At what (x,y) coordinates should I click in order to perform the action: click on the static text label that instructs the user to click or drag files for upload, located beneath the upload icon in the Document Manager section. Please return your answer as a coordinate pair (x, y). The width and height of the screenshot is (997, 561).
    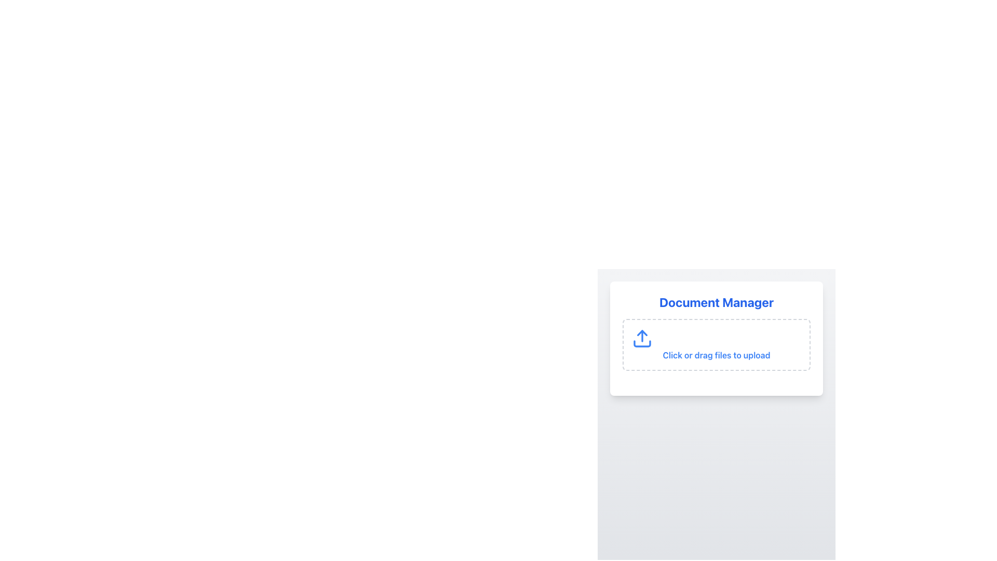
    Looking at the image, I should click on (716, 354).